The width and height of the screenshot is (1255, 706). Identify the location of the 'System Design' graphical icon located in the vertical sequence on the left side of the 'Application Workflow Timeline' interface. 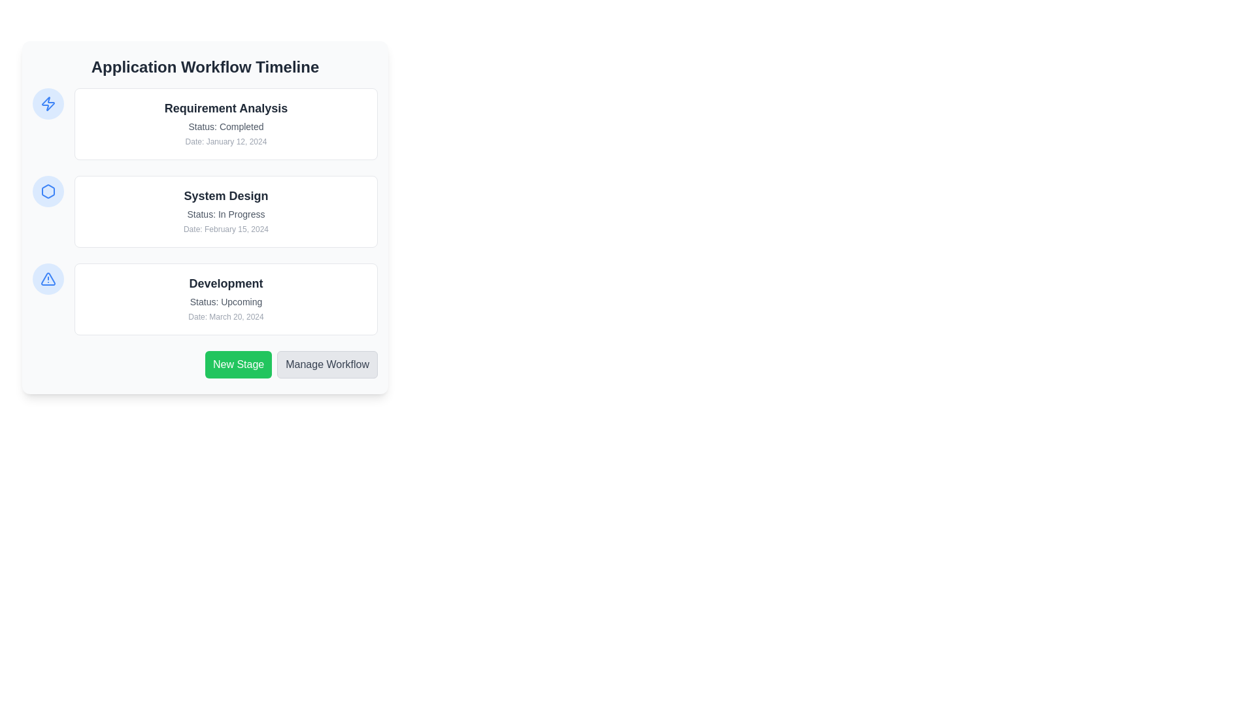
(48, 192).